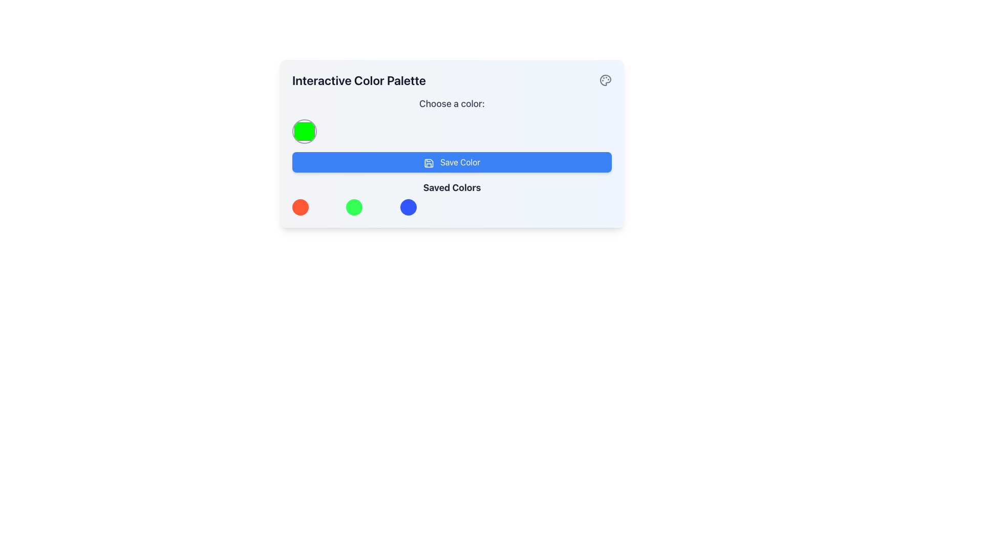  Describe the element at coordinates (304, 131) in the screenshot. I see `the first circular color selector, which is an interactive color picker for selecting green` at that location.